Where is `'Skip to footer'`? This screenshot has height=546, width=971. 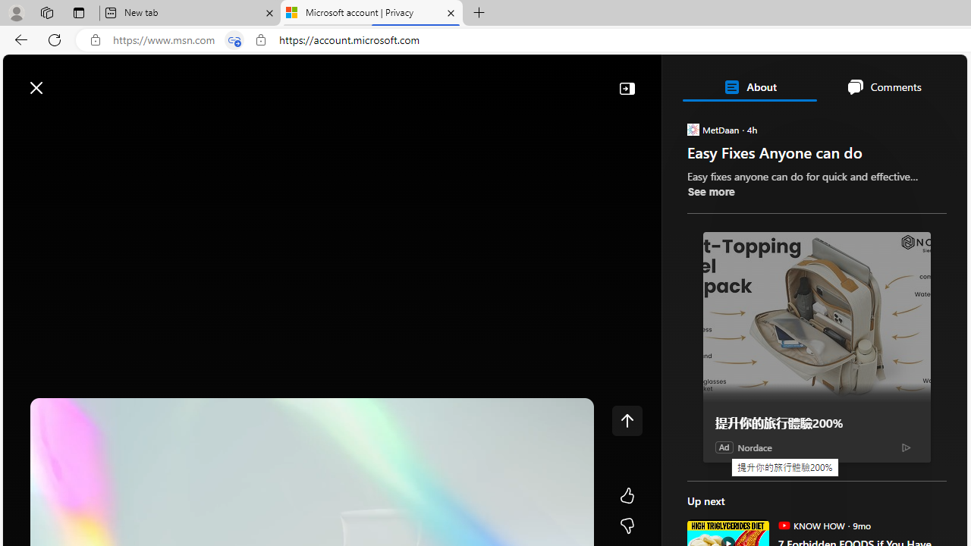
'Skip to footer' is located at coordinates (61, 80).